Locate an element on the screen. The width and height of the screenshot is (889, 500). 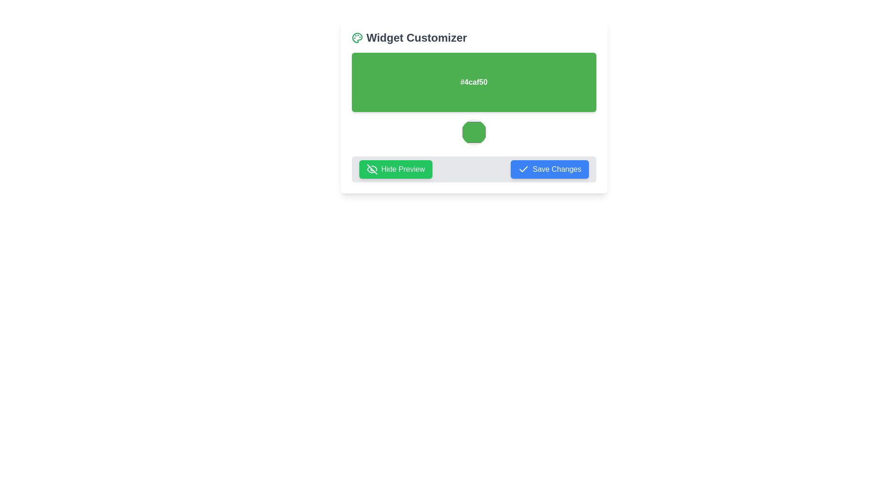
the bold text label displaying 'Widget Customizer', which is styled with a large font size and dark gray color, located in the upper-central part of the interface is located at coordinates (416, 37).